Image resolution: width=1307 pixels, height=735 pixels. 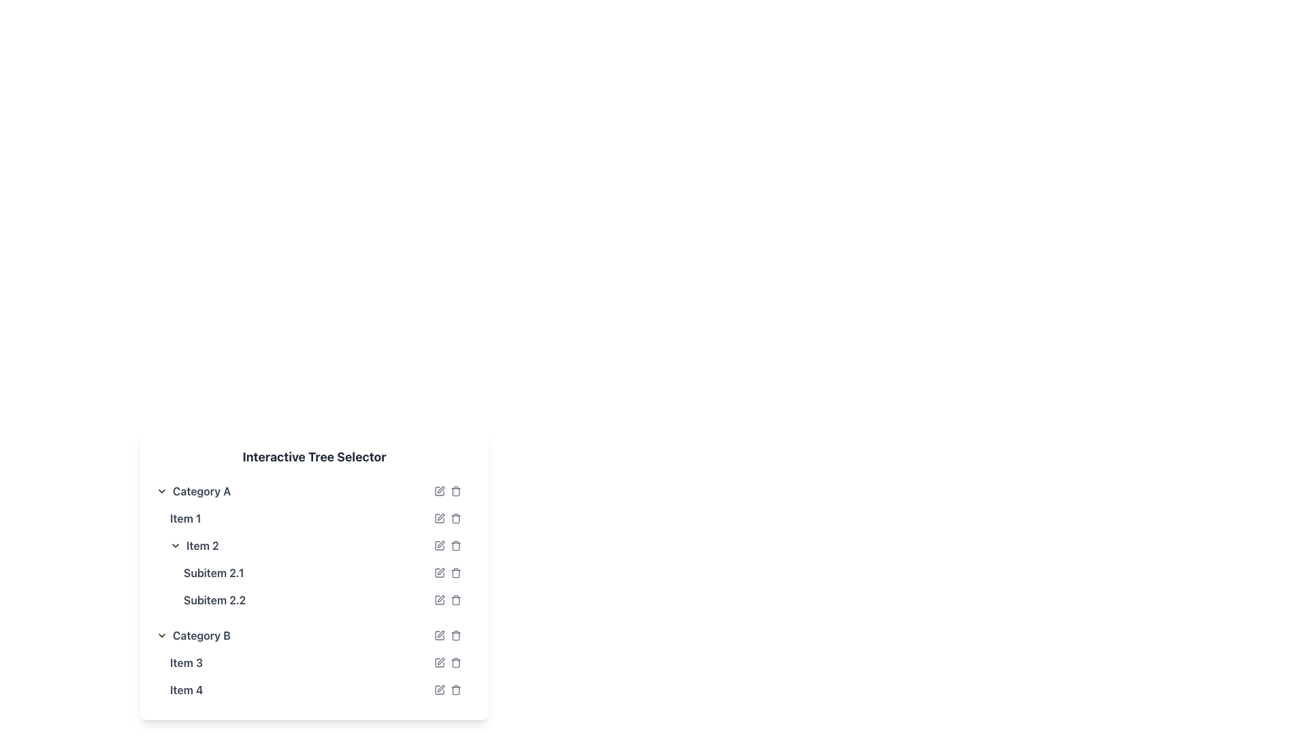 I want to click on the edit icon button located next to 'Item 3' in the 'Category B' section of the interactive tree selector, so click(x=440, y=661).